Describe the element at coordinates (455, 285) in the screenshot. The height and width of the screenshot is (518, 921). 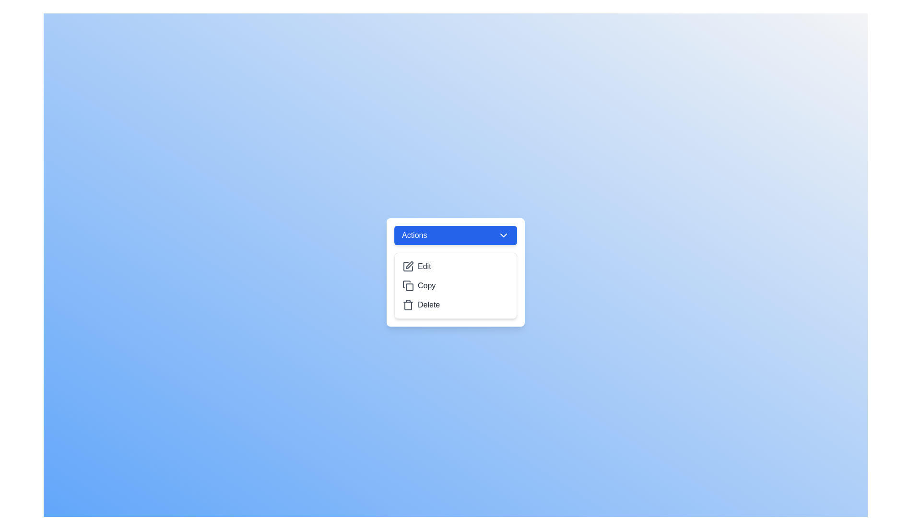
I see `the 'Copy' option in the dropdown menu located directly below the 'Actions' button and aligned centrally in the modal` at that location.